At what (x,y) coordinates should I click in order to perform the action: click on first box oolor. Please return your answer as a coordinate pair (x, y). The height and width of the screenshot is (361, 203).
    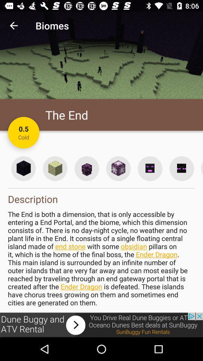
    Looking at the image, I should click on (24, 168).